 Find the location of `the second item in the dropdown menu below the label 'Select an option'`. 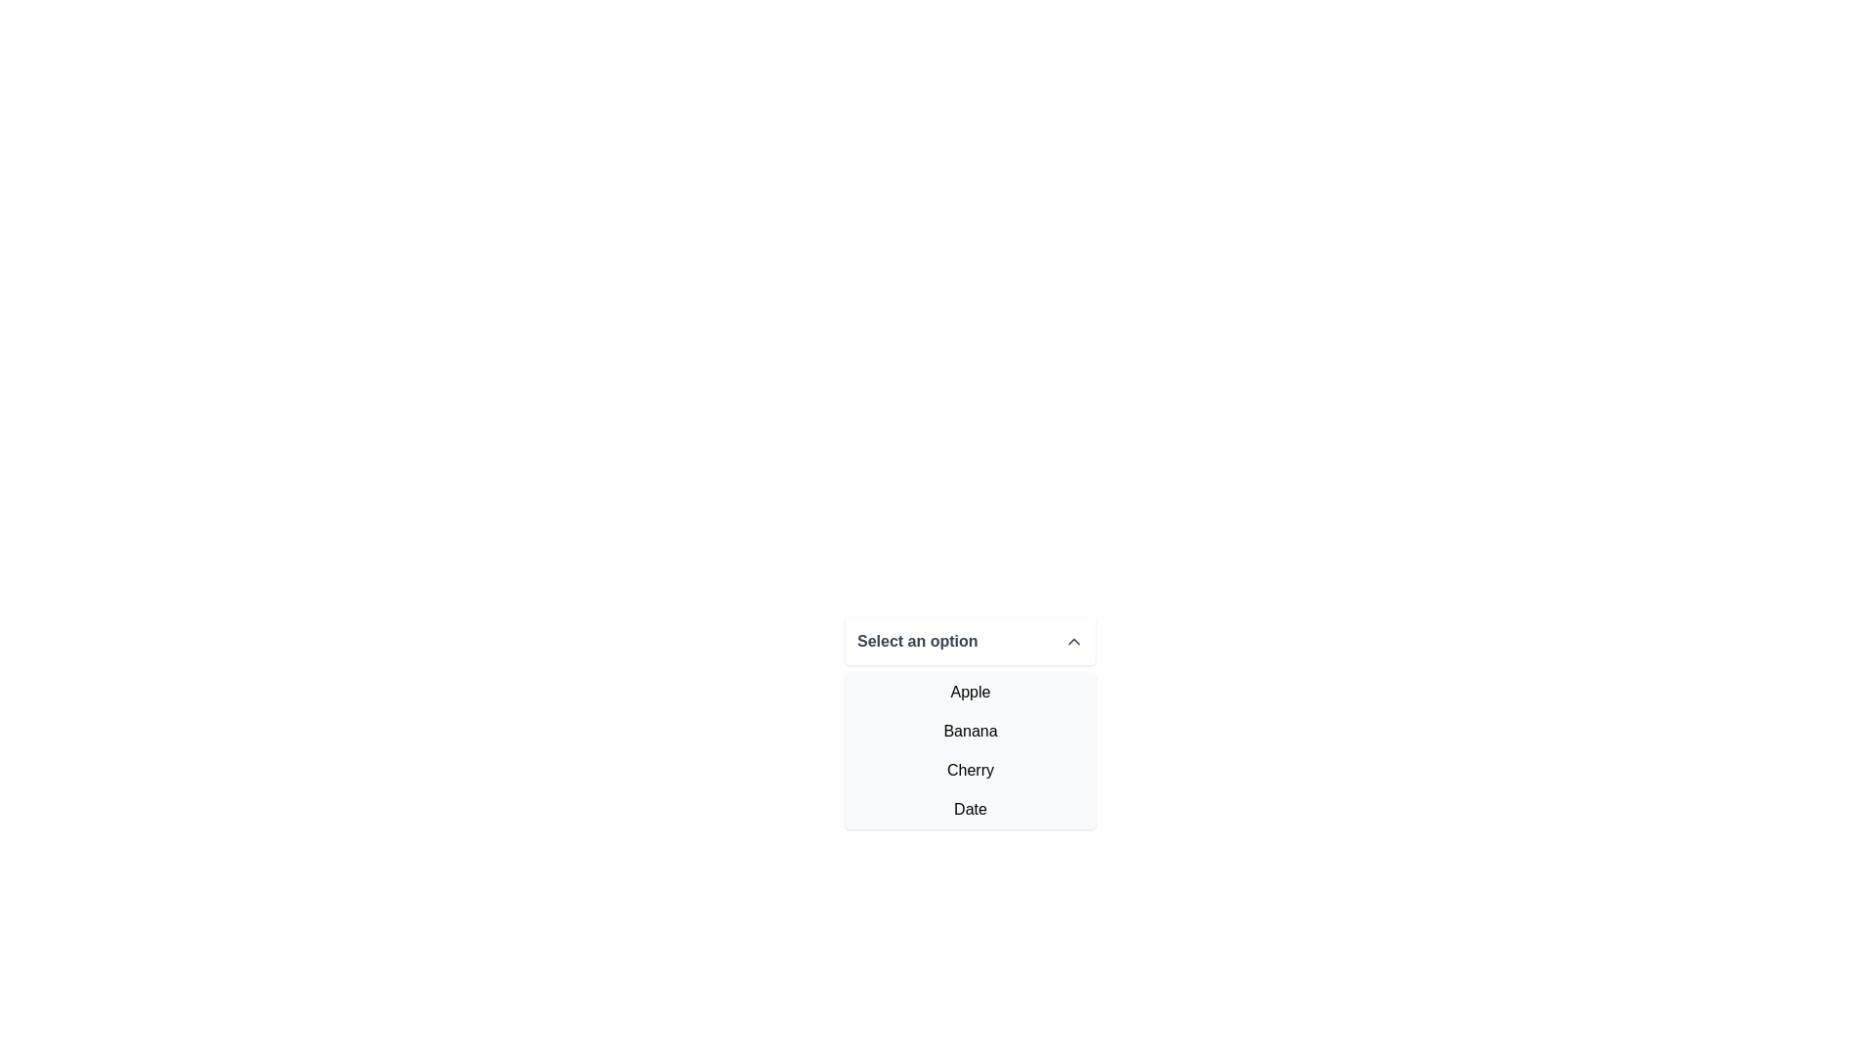

the second item in the dropdown menu below the label 'Select an option' is located at coordinates (970, 731).